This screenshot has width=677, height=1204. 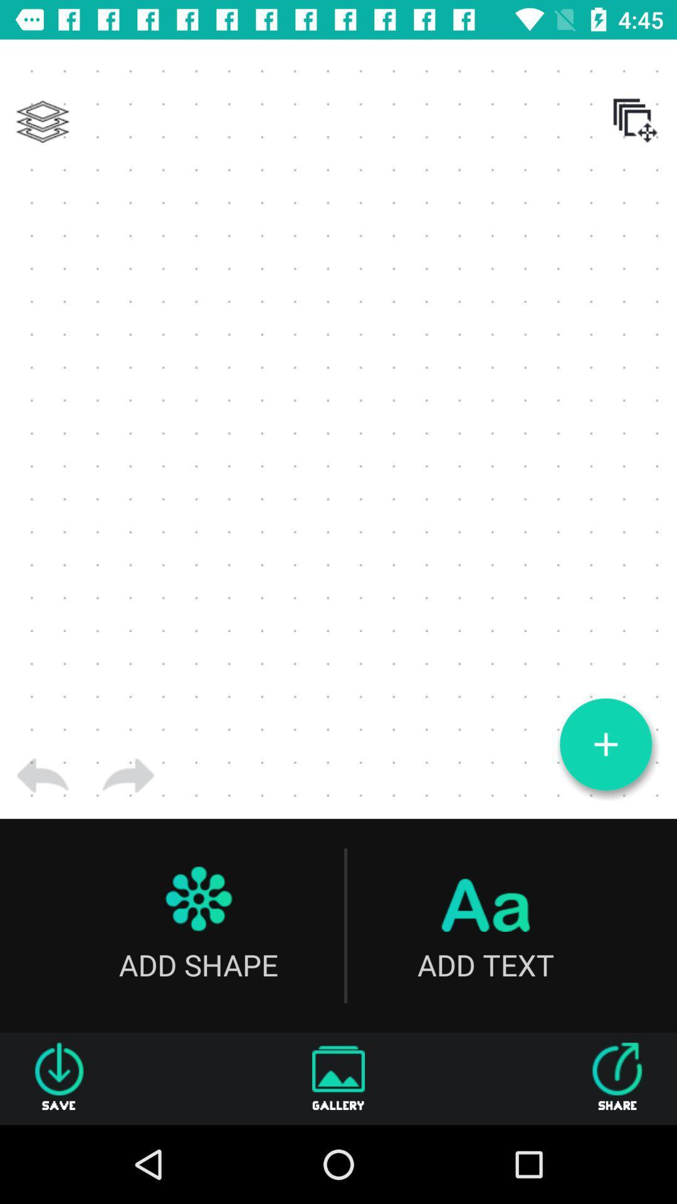 I want to click on the item next to the share icon, so click(x=338, y=1078).